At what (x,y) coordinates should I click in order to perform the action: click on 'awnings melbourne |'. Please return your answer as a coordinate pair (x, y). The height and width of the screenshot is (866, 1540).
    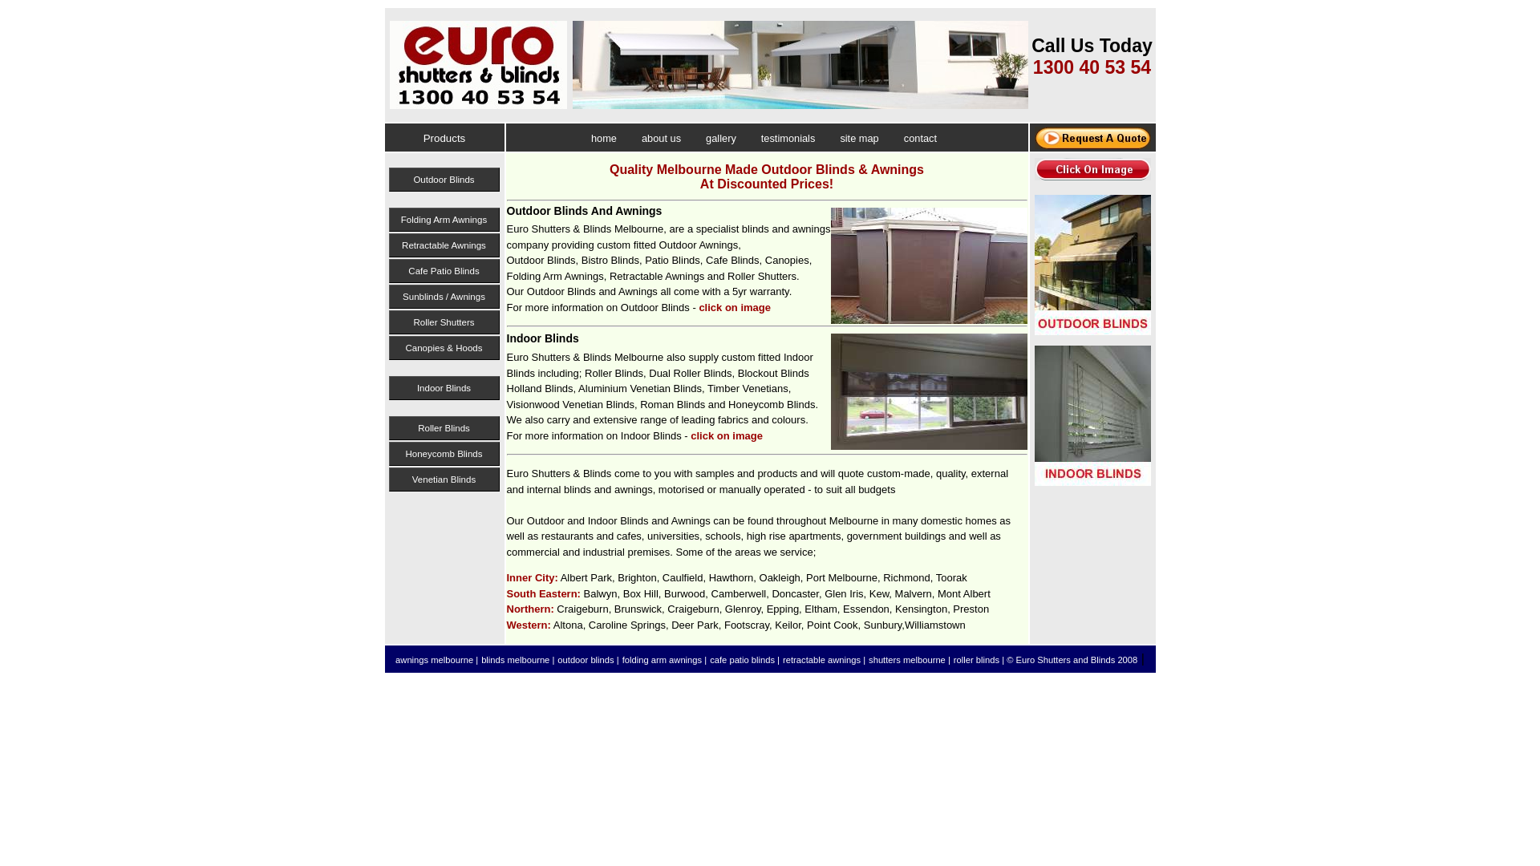
    Looking at the image, I should click on (436, 659).